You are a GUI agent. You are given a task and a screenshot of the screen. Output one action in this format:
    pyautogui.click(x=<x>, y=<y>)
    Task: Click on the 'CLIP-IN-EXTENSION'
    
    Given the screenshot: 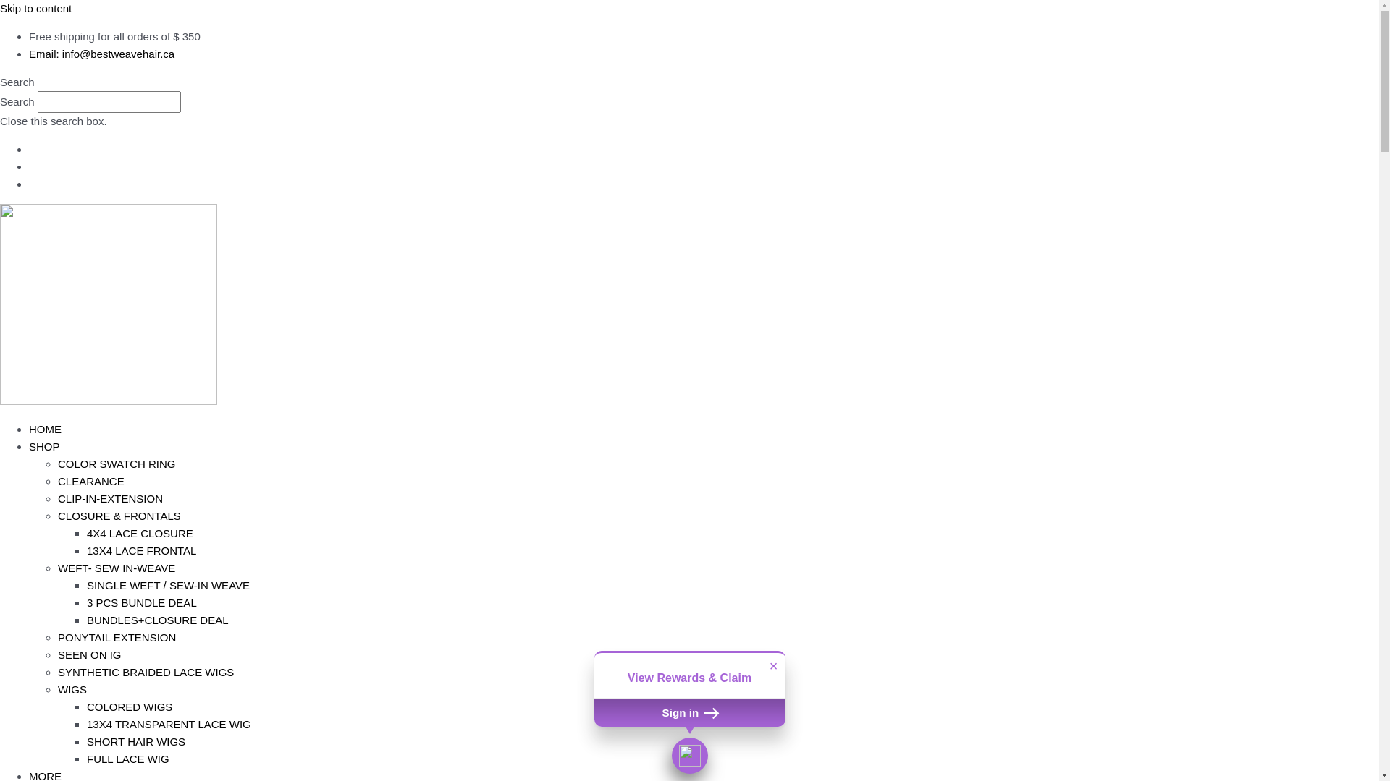 What is the action you would take?
    pyautogui.click(x=109, y=498)
    